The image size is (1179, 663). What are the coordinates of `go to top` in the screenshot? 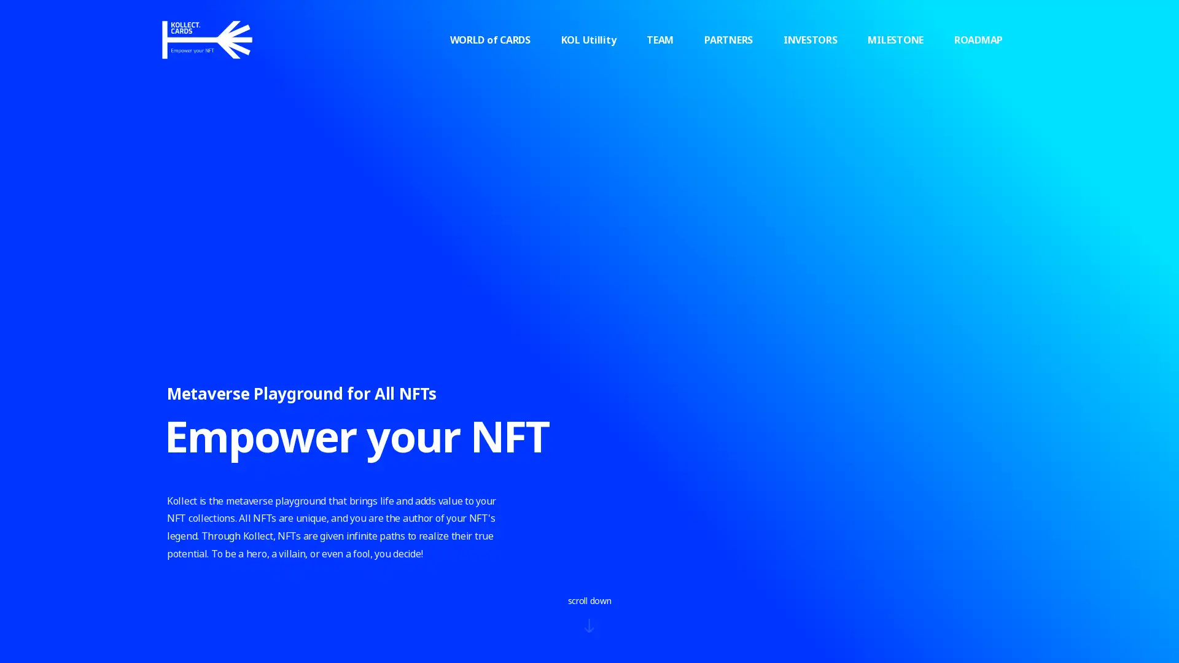 It's located at (1043, 473).